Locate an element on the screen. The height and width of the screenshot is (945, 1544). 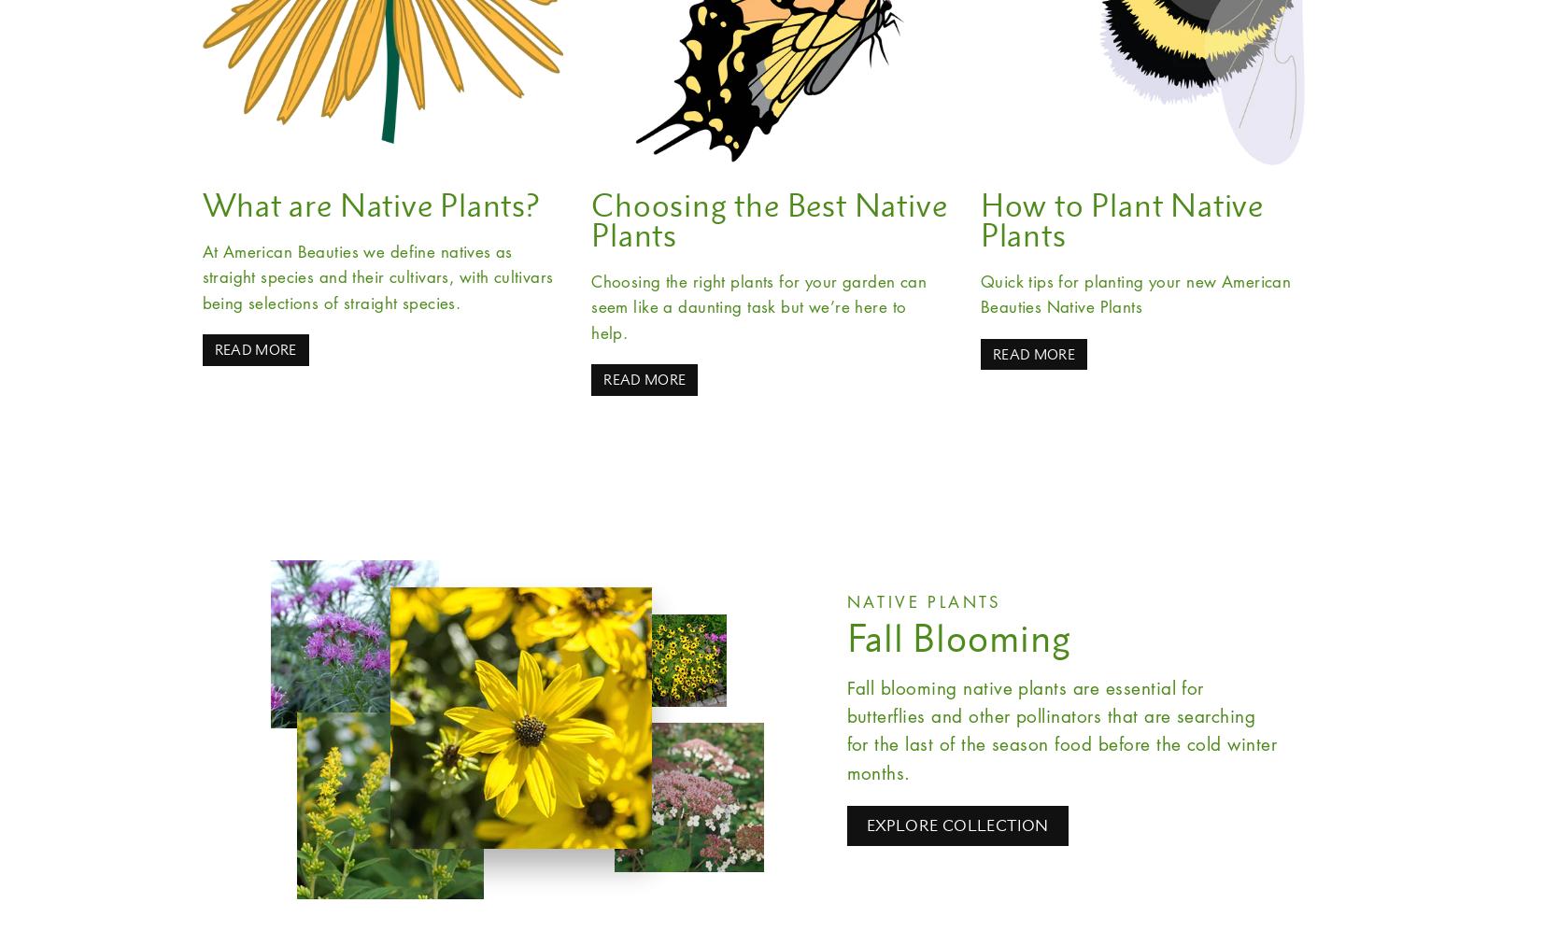
'Fall Blooming' is located at coordinates (846, 636).